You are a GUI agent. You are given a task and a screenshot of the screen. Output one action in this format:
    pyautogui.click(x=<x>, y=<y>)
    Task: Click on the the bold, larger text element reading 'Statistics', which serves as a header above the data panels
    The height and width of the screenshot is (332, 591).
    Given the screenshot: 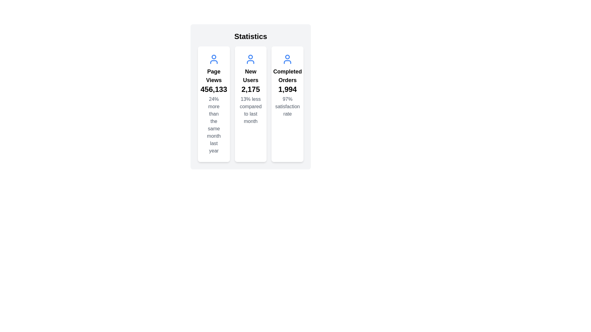 What is the action you would take?
    pyautogui.click(x=251, y=37)
    